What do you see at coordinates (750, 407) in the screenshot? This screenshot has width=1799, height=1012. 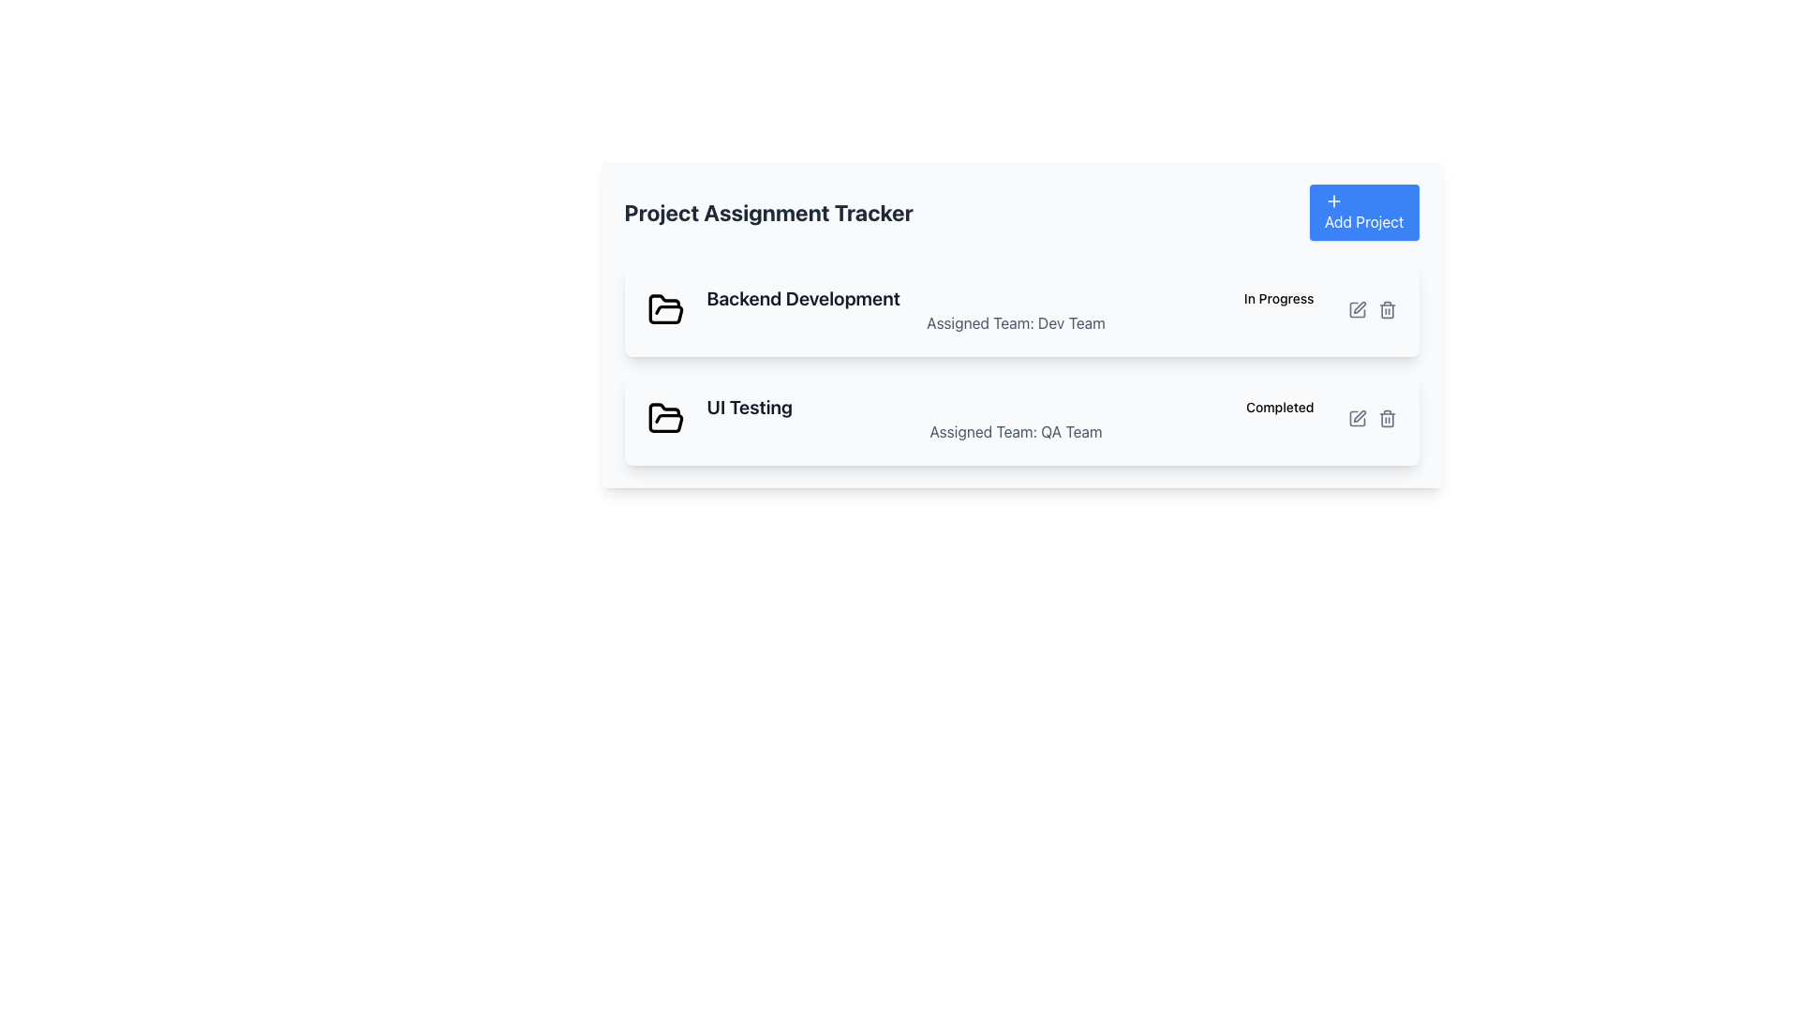 I see `the static text element that serves as a descriptive label for a project or task, located in the second row and aligned` at bounding box center [750, 407].